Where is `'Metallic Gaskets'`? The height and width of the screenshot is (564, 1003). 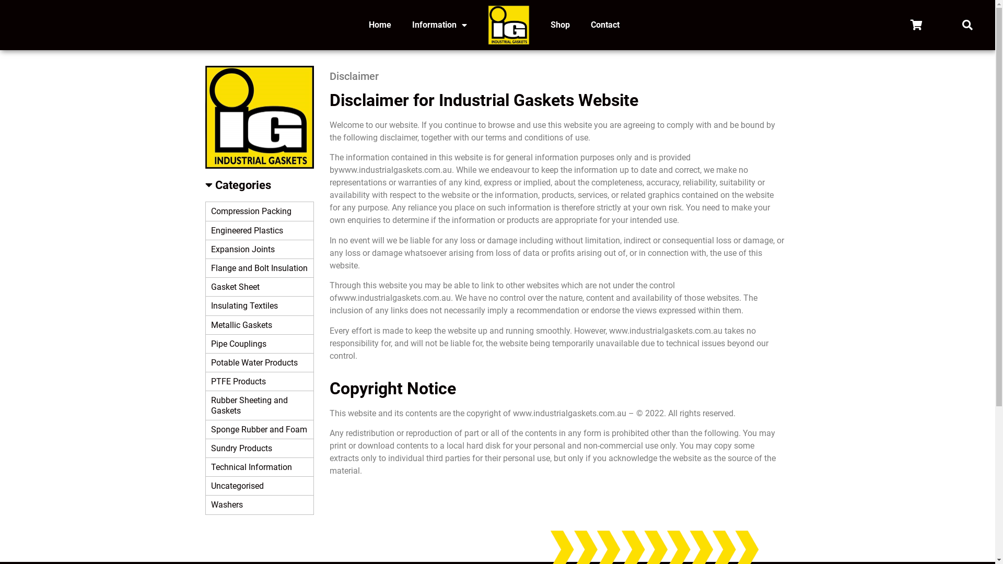 'Metallic Gaskets' is located at coordinates (260, 325).